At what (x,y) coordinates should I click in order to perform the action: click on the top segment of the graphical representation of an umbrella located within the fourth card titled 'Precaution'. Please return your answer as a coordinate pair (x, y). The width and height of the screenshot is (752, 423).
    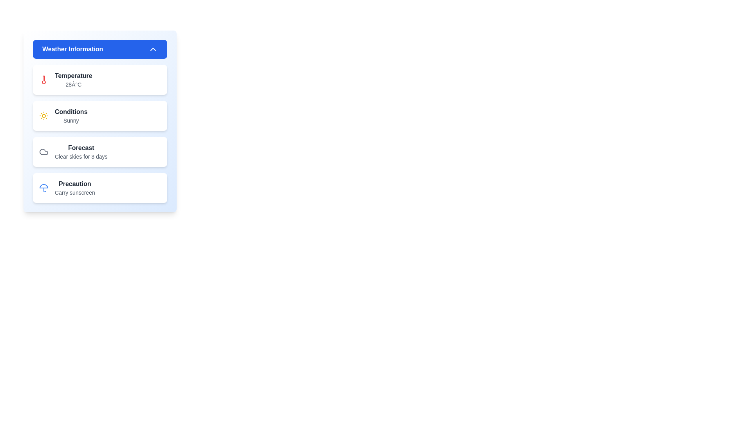
    Looking at the image, I should click on (43, 186).